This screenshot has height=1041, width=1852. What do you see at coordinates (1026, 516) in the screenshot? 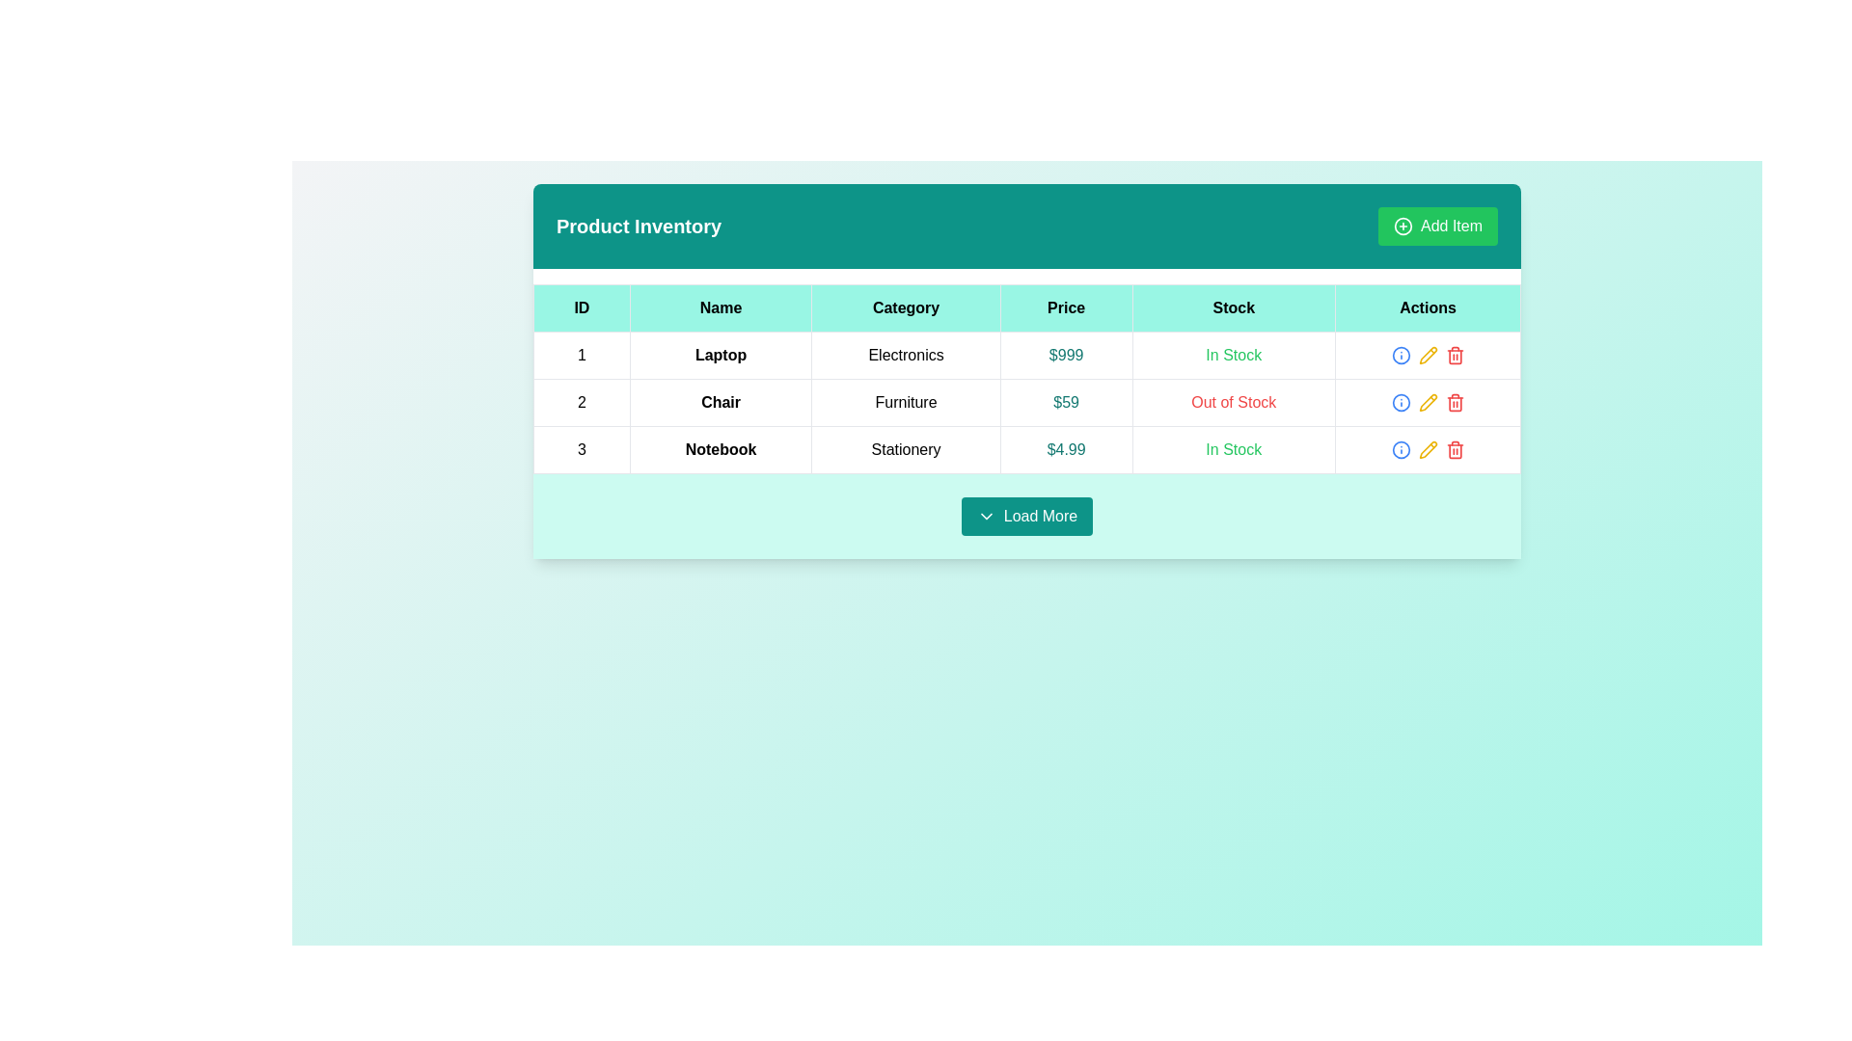
I see `the 'Load More' button with a teal background and rounded corners located at the bottom of the 'Product Inventory' table to load more content` at bounding box center [1026, 516].